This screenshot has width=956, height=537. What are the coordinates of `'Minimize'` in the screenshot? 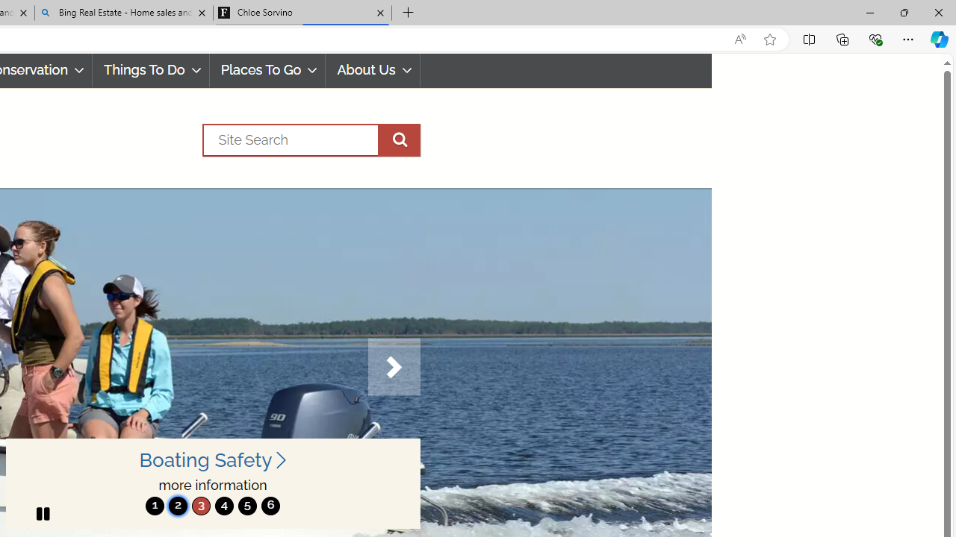 It's located at (869, 12).